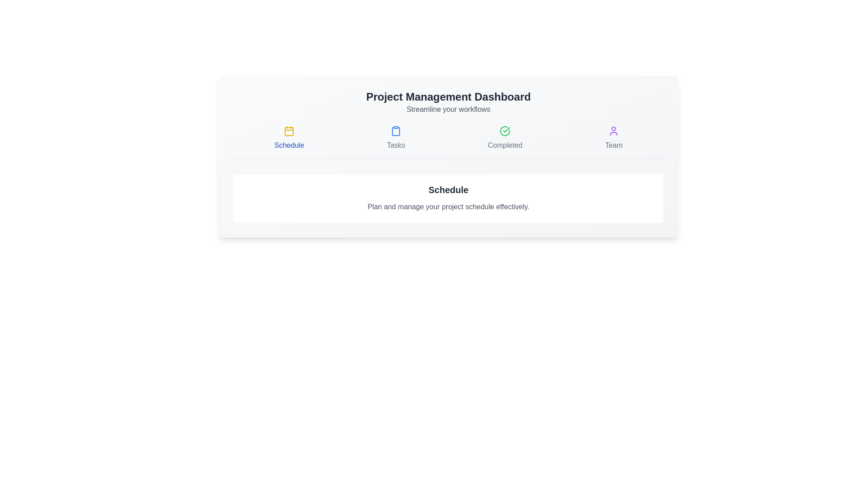 The image size is (862, 485). What do you see at coordinates (289, 138) in the screenshot?
I see `the tab named Schedule` at bounding box center [289, 138].